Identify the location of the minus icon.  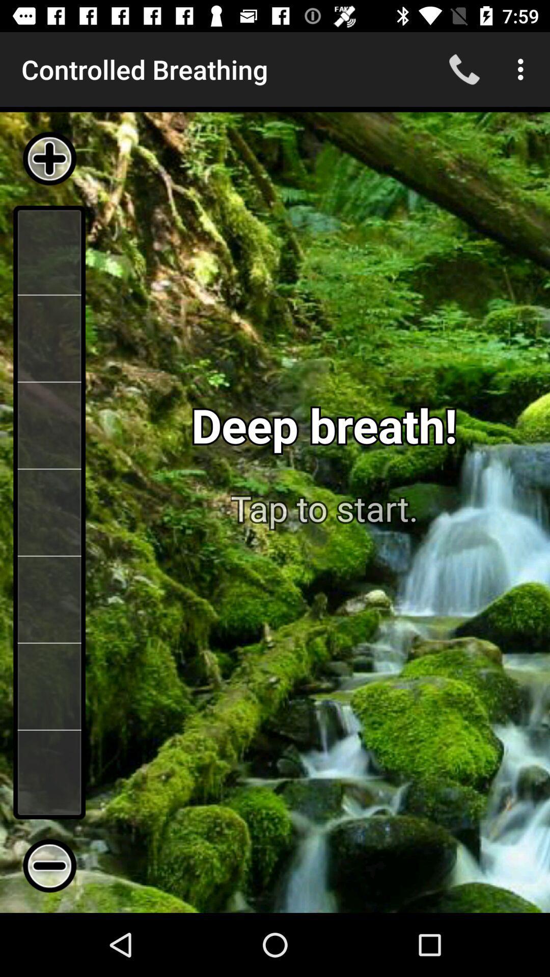
(49, 866).